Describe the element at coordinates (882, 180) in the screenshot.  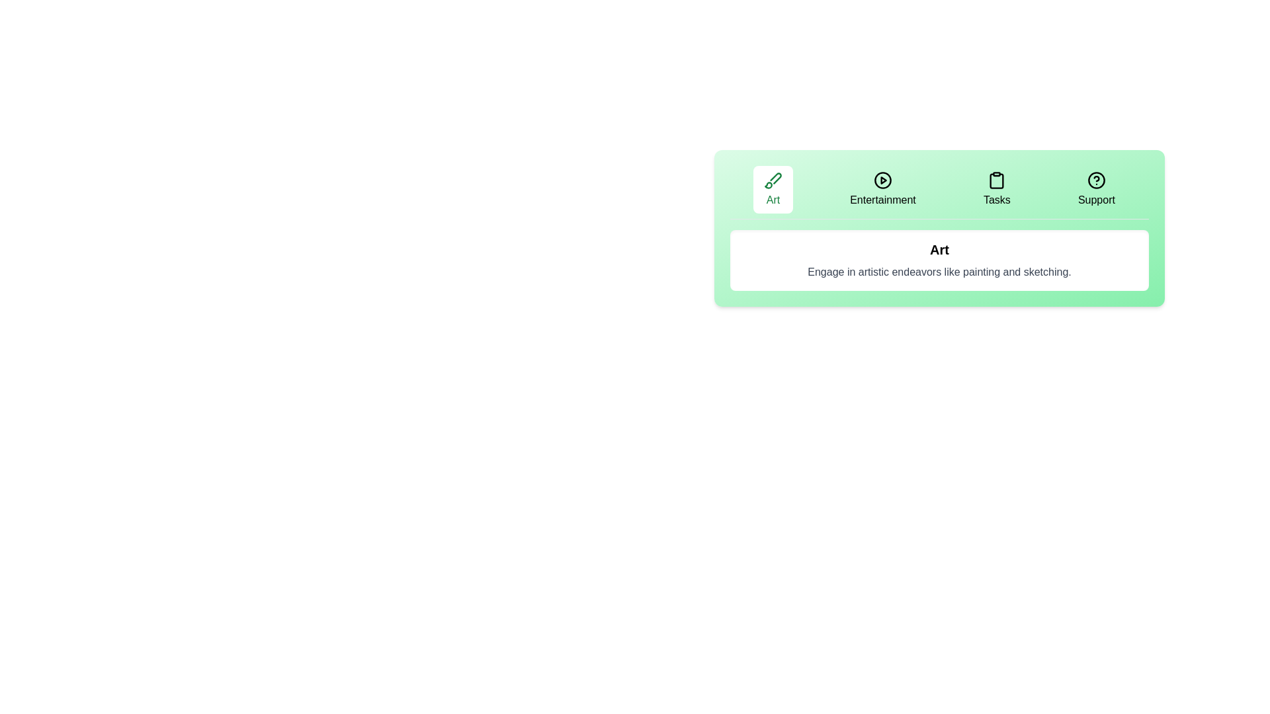
I see `the Circular Play Button icon located in the Entertainment section of the horizontally arranged menu bar` at that location.